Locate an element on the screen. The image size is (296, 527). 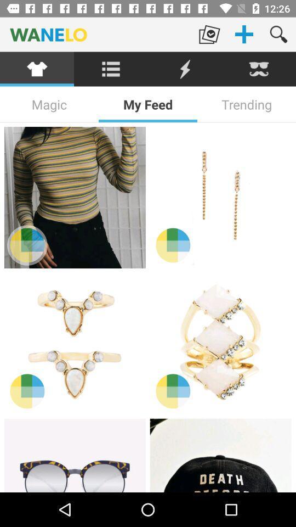
views a product is located at coordinates (220, 198).